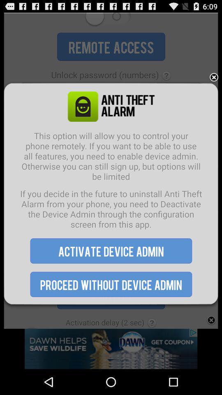  What do you see at coordinates (214, 83) in the screenshot?
I see `the close icon` at bounding box center [214, 83].